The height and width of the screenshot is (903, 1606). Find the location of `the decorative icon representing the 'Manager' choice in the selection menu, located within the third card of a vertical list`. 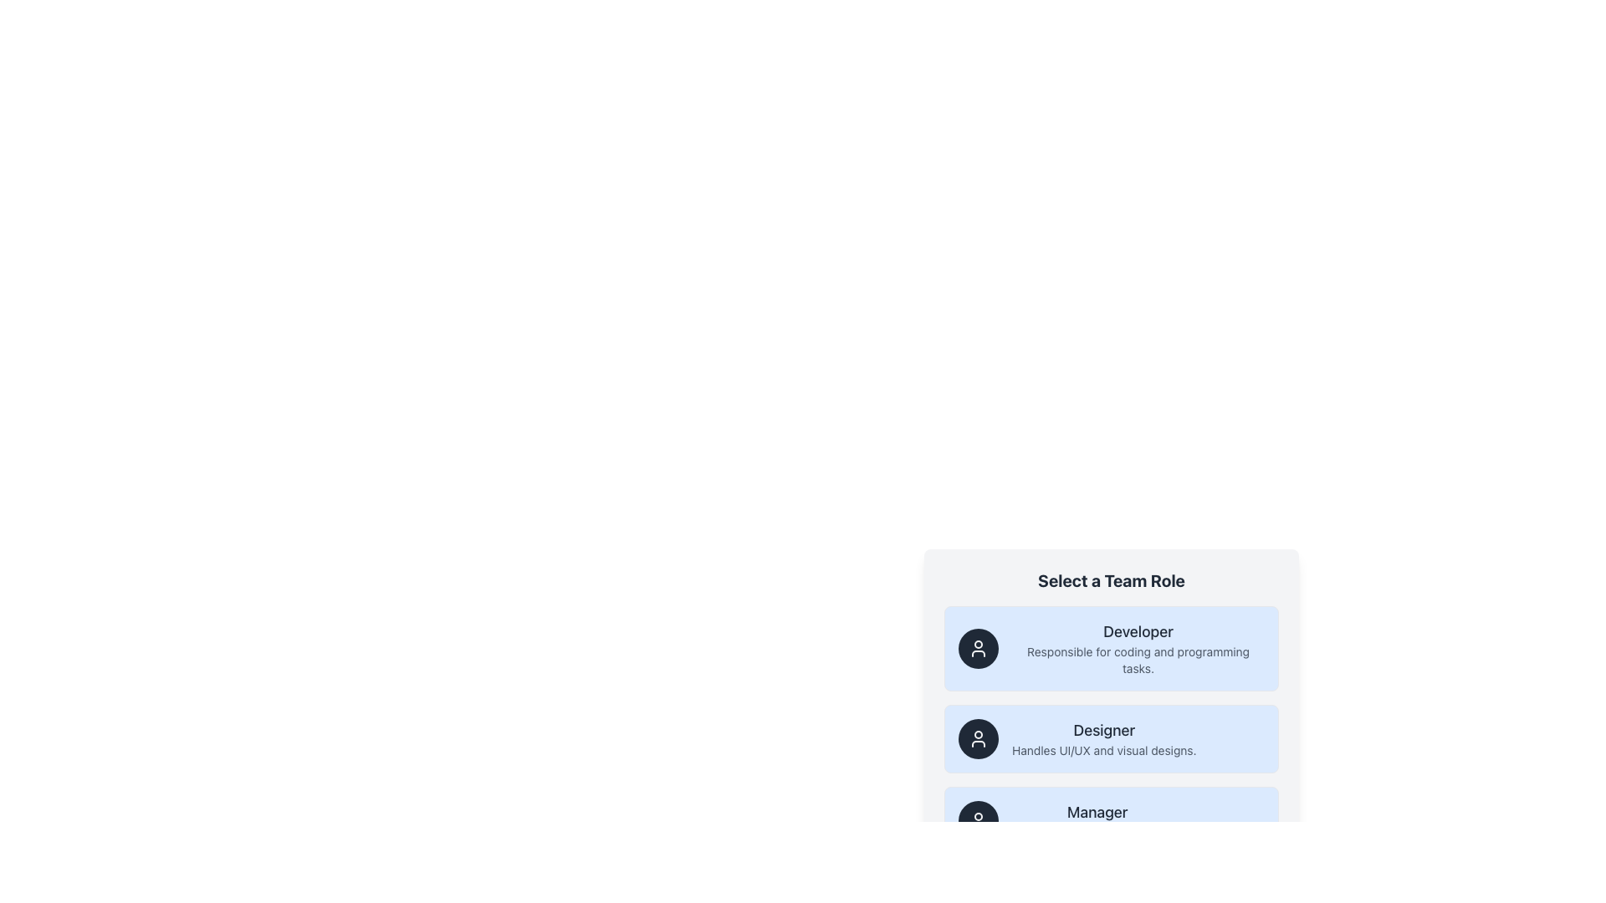

the decorative icon representing the 'Manager' choice in the selection menu, located within the third card of a vertical list is located at coordinates (979, 820).